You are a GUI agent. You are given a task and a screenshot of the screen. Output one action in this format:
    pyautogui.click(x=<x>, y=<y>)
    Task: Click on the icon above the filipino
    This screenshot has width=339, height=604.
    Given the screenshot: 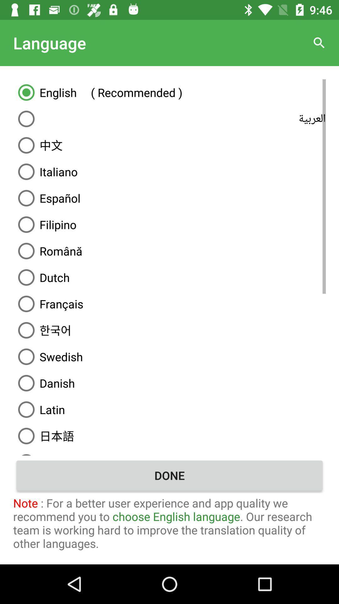 What is the action you would take?
    pyautogui.click(x=169, y=198)
    